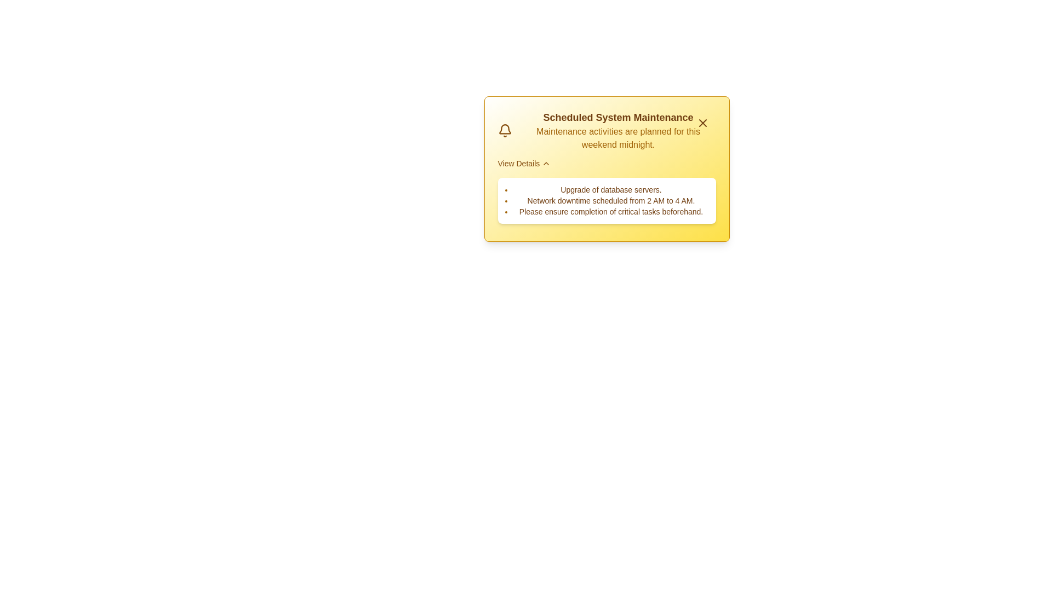  What do you see at coordinates (523, 164) in the screenshot?
I see `the 'View Details' button to toggle the details section` at bounding box center [523, 164].